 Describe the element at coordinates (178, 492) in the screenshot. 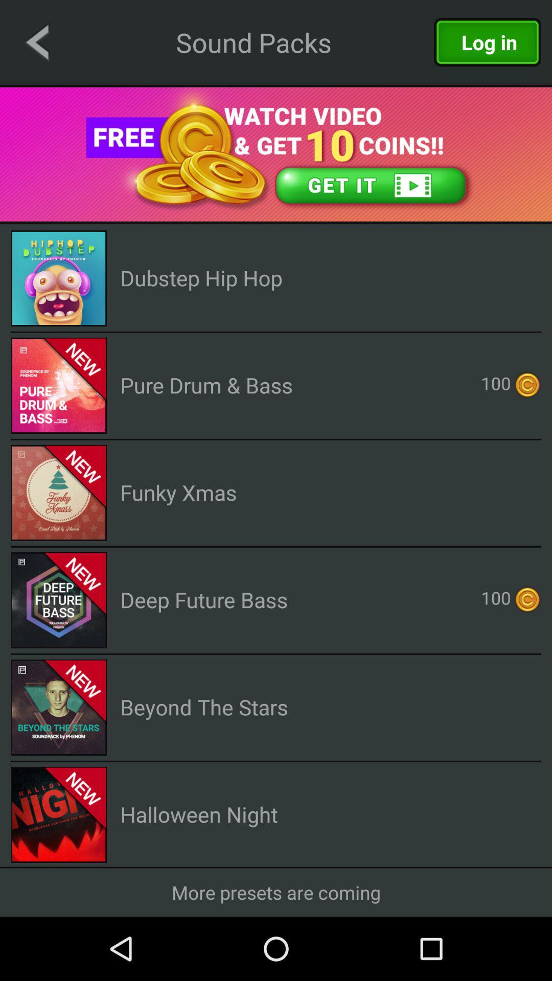

I see `the funky xmas item` at that location.